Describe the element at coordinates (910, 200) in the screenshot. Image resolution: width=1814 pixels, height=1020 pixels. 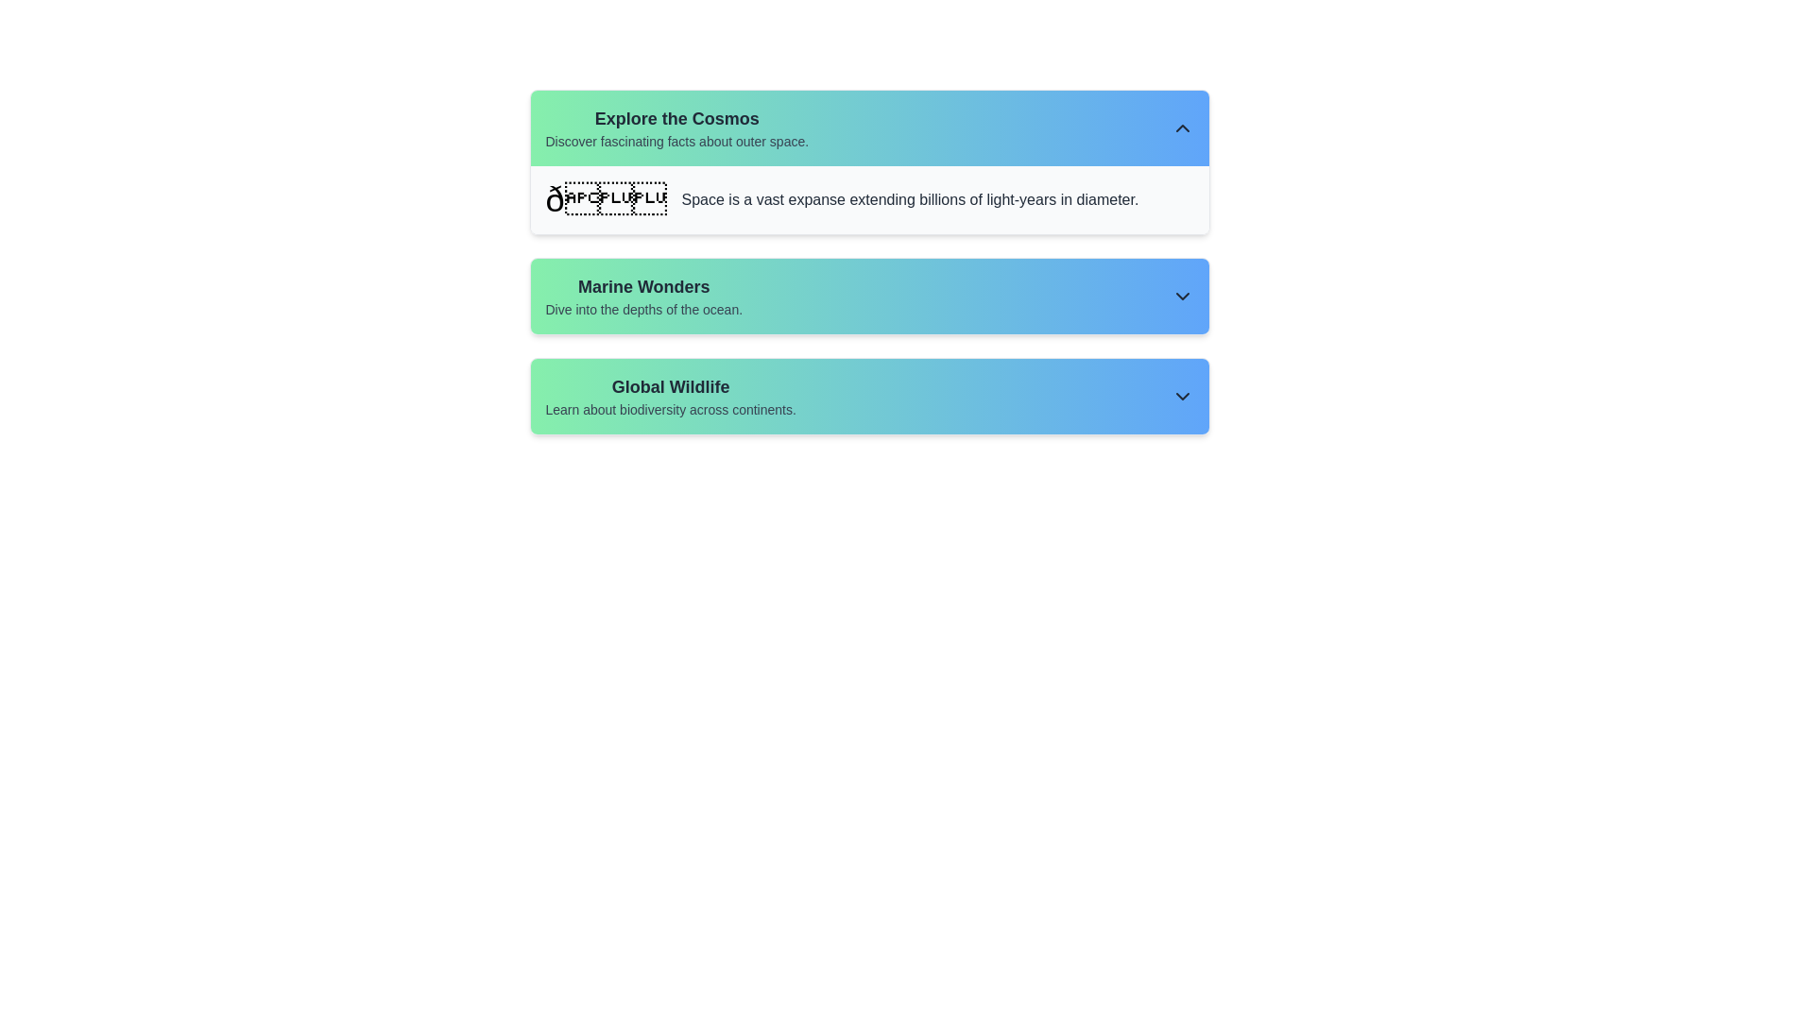
I see `the descriptive text related to space in the 'Explore the Cosmos' section` at that location.